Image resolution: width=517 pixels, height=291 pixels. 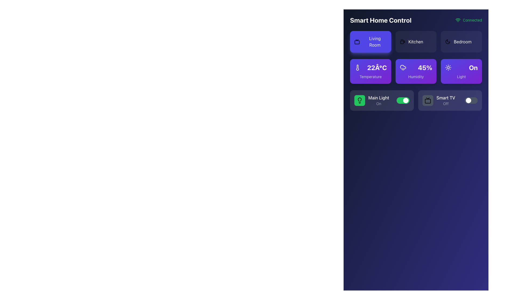 What do you see at coordinates (403, 67) in the screenshot?
I see `the humidity icon located in the 'Smart Home Control' interface, positioned to the left of the '45%' text` at bounding box center [403, 67].